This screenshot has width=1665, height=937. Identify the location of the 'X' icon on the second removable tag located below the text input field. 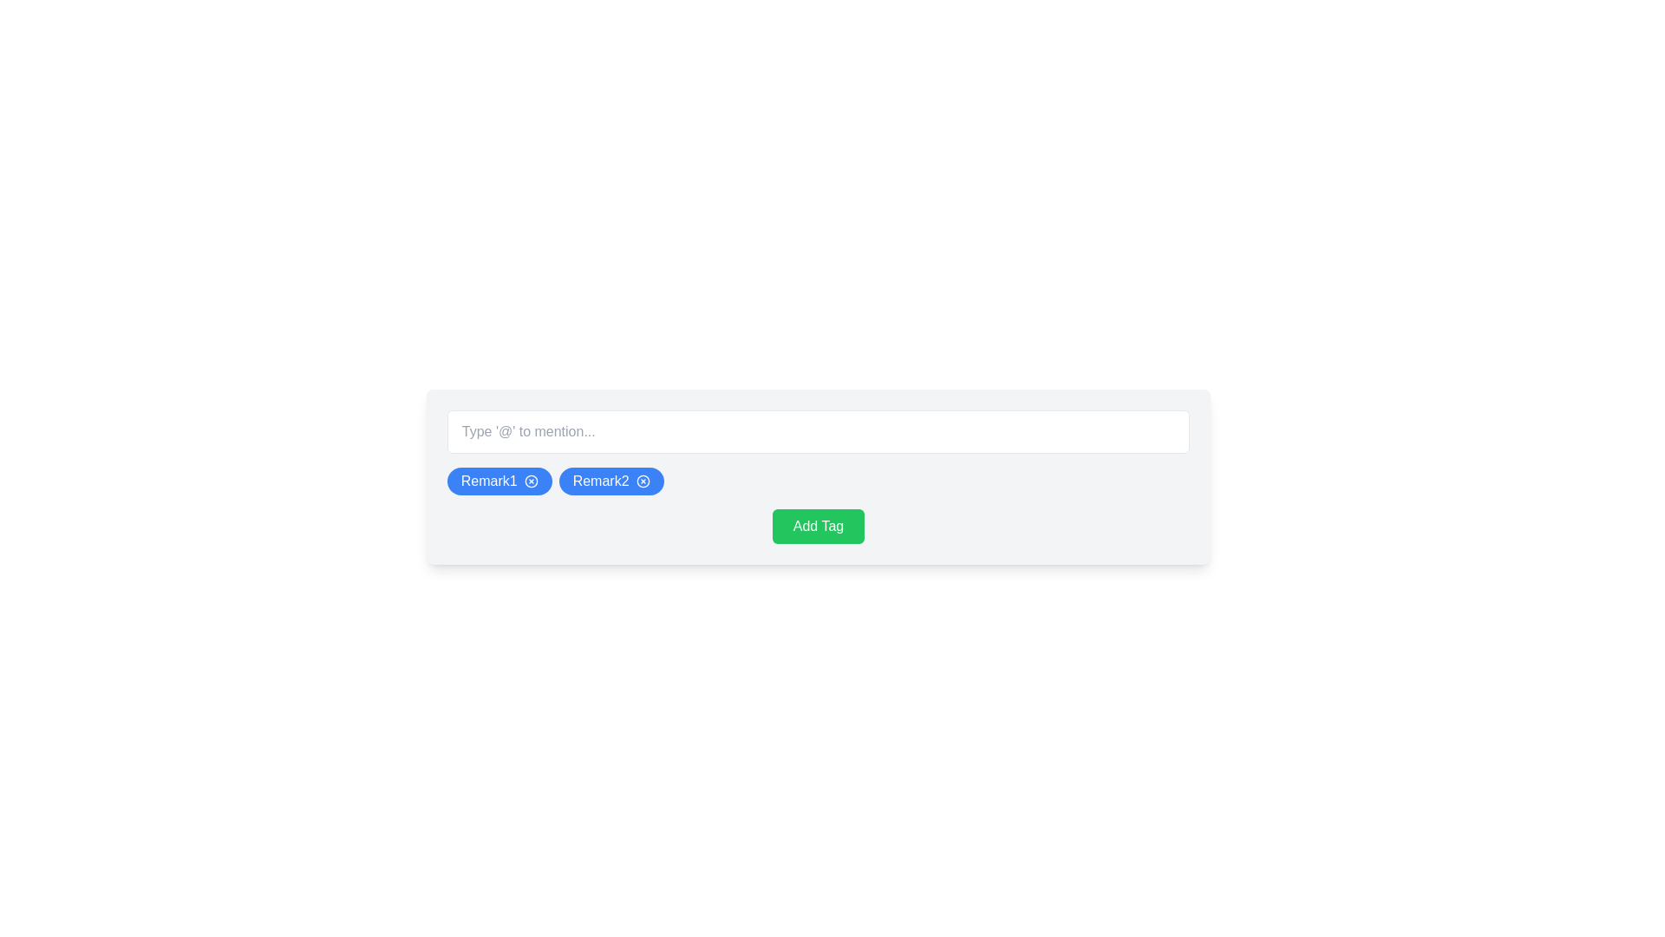
(611, 482).